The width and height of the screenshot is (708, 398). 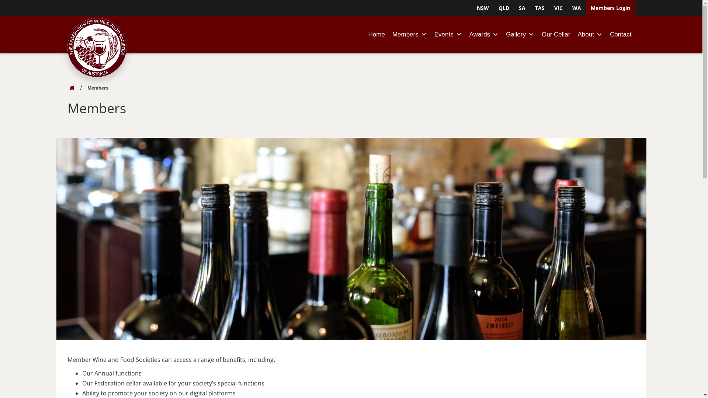 I want to click on 'Events', so click(x=448, y=34).